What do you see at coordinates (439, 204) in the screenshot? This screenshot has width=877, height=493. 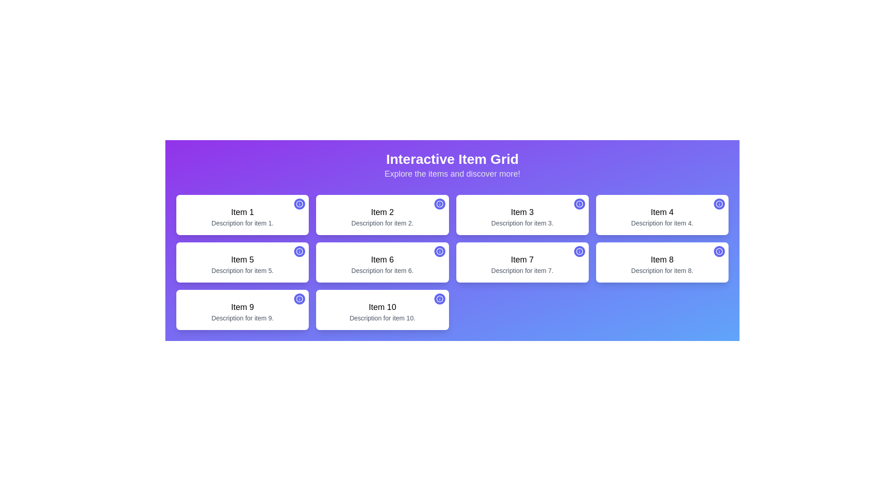 I see `the information icon circle located in the top-right corner of the second card in the grid` at bounding box center [439, 204].